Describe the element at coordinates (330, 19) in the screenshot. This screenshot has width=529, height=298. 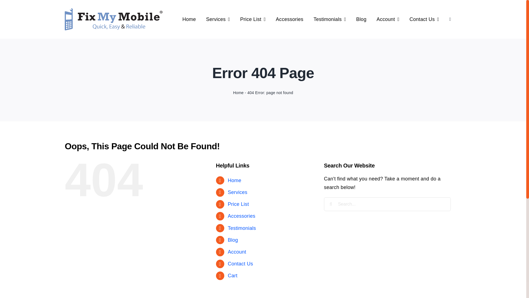
I see `'Testimonials'` at that location.